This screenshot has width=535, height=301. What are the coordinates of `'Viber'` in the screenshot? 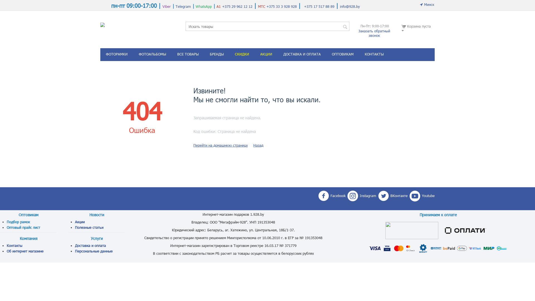 It's located at (166, 6).